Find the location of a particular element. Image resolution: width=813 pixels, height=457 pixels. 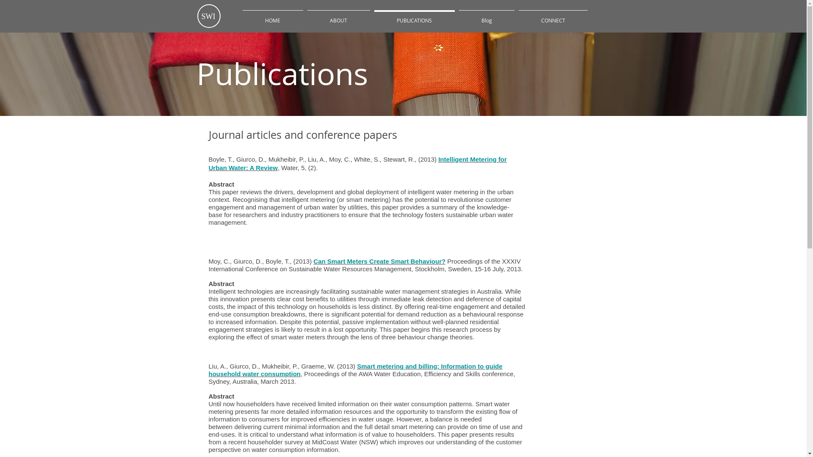

'HOME' is located at coordinates (273, 17).